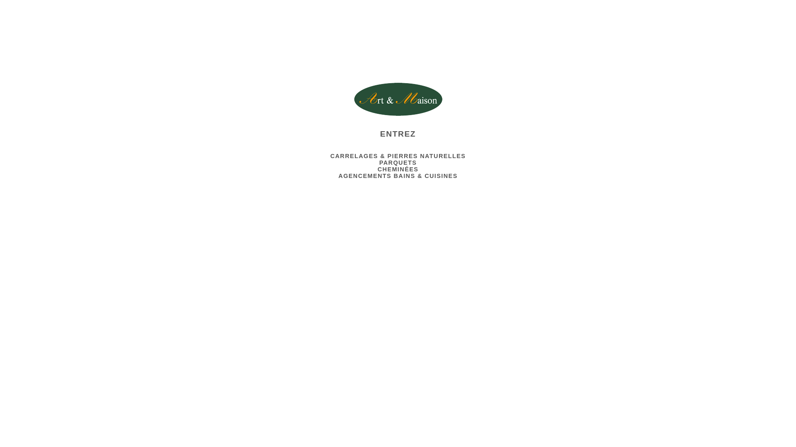 This screenshot has width=796, height=447. I want to click on 'ENTREZ', so click(191, 130).